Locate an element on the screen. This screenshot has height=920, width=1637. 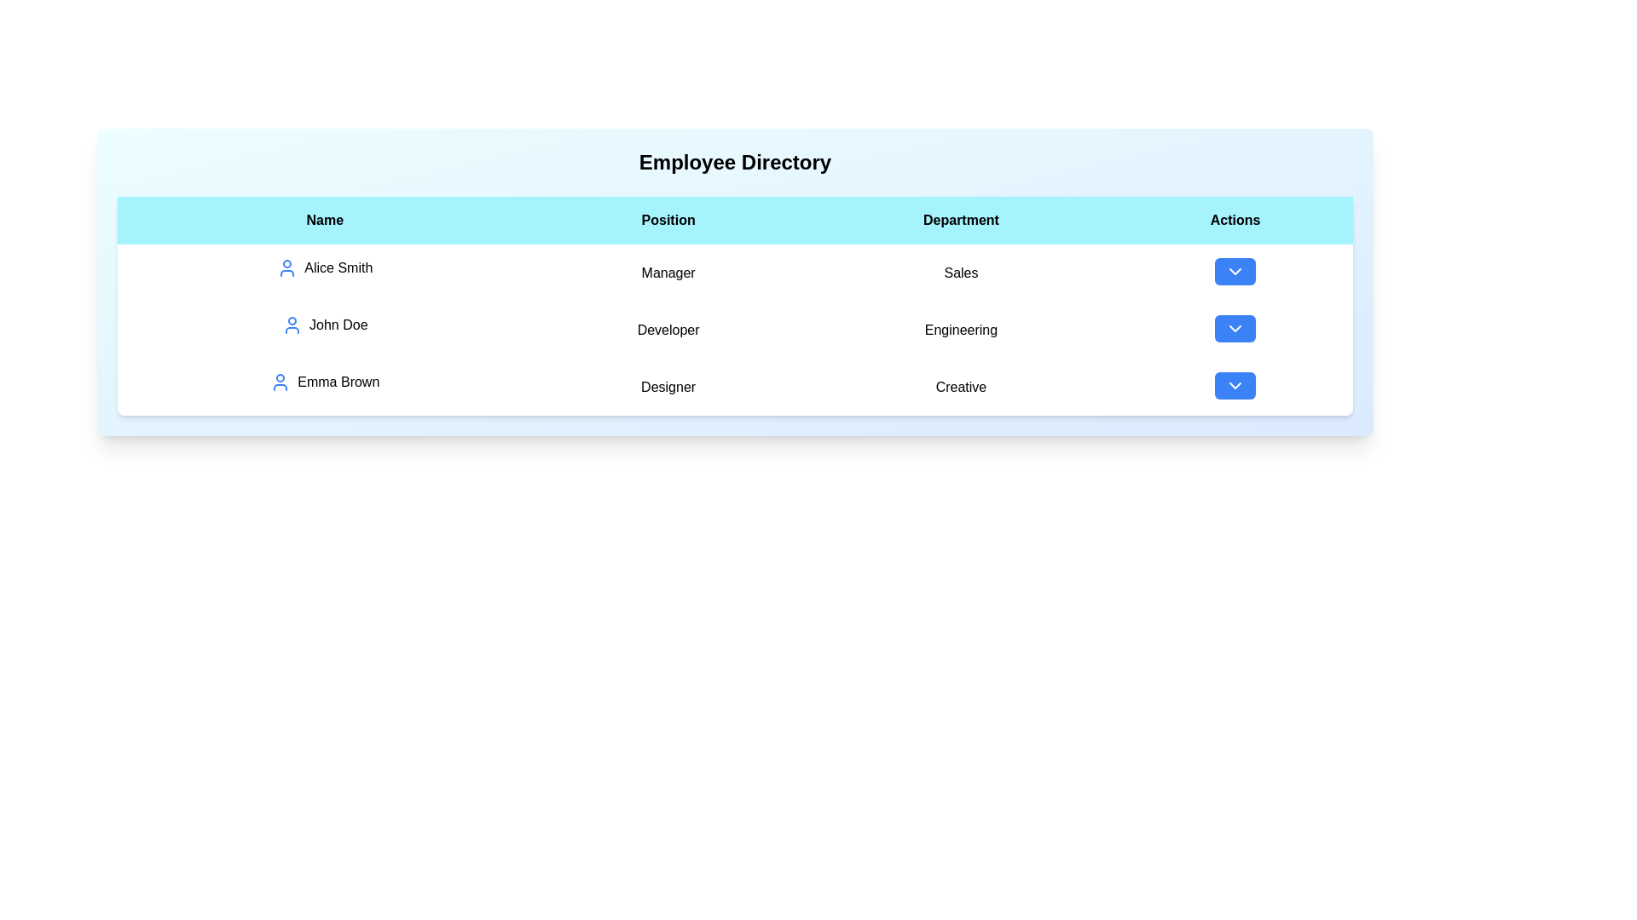
the Text label in the 'Name' column of the second row in the directory table, which identifies the name of a user or individual is located at coordinates (325, 325).